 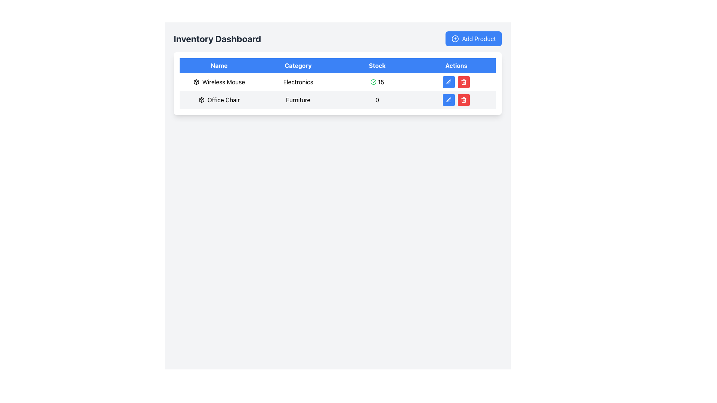 I want to click on the delete button with a trash can icon in the second row of the actions column, so click(x=463, y=99).